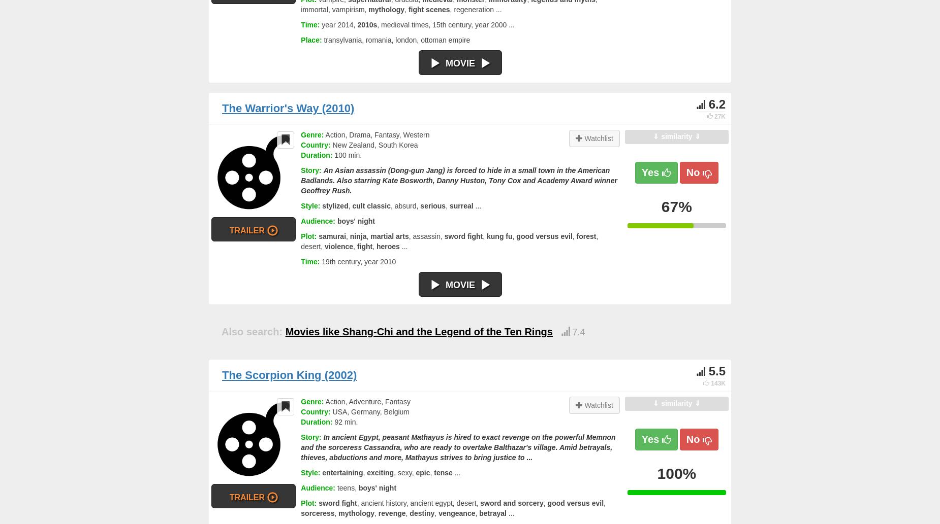  I want to click on '27K', so click(719, 116).